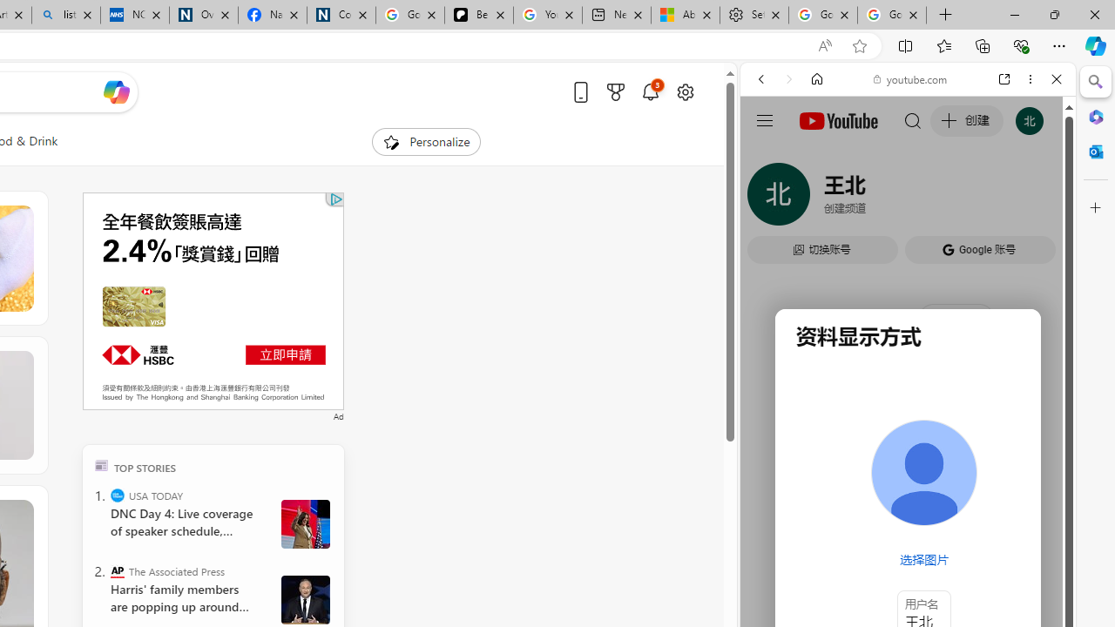  Describe the element at coordinates (767, 198) in the screenshot. I see `'Search Filter, WEB'` at that location.